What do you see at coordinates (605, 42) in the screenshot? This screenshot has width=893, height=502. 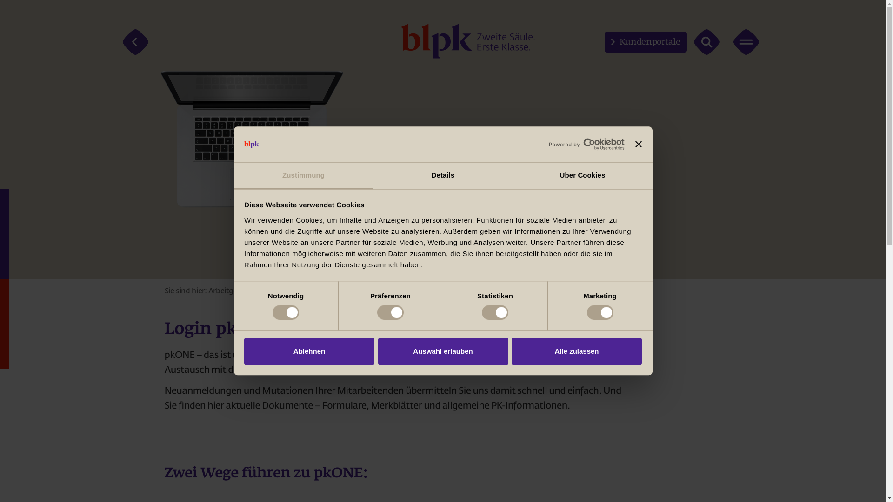 I see `'Kundenportale'` at bounding box center [605, 42].